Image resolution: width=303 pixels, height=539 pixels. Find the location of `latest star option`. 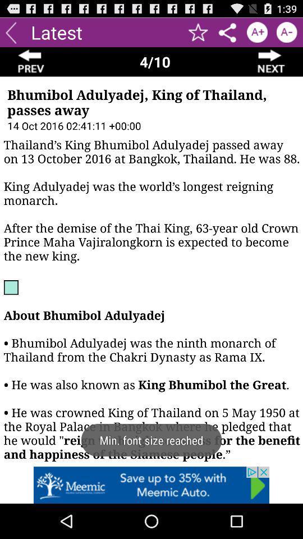

latest star option is located at coordinates (198, 31).